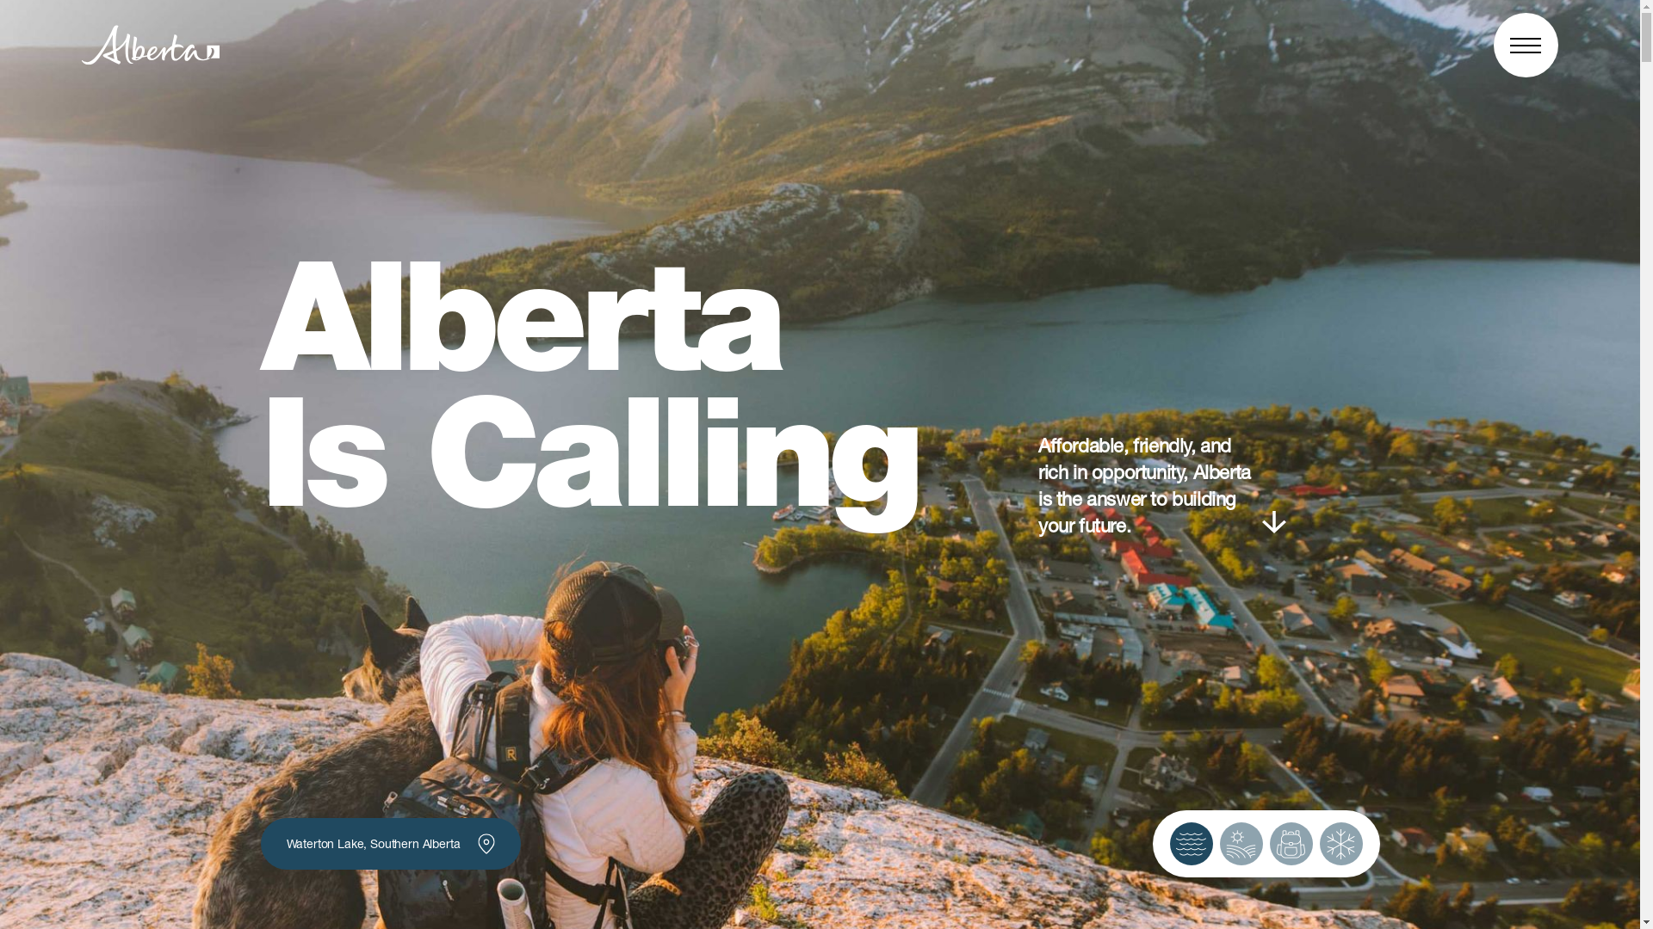 The width and height of the screenshot is (1653, 929). What do you see at coordinates (1240, 842) in the screenshot?
I see `'Toggle Summer Image'` at bounding box center [1240, 842].